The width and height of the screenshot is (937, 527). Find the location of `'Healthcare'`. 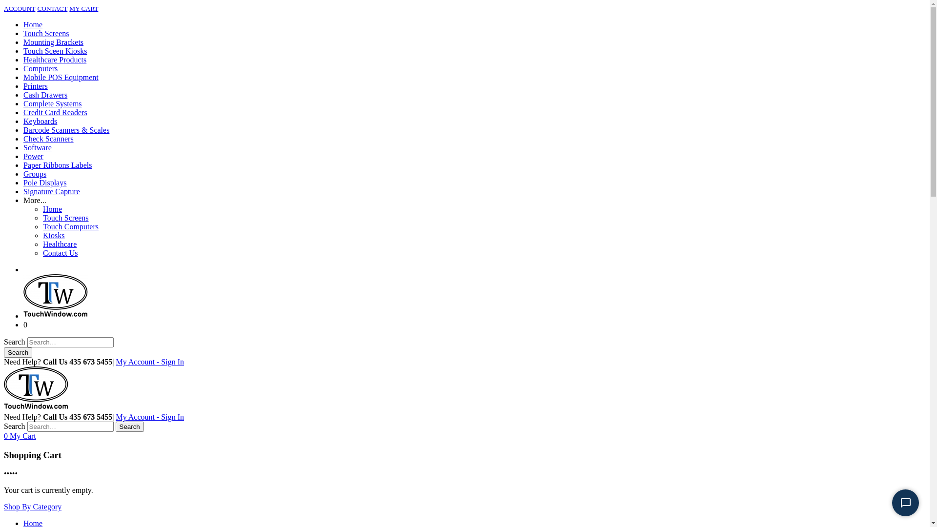

'Healthcare' is located at coordinates (59, 243).